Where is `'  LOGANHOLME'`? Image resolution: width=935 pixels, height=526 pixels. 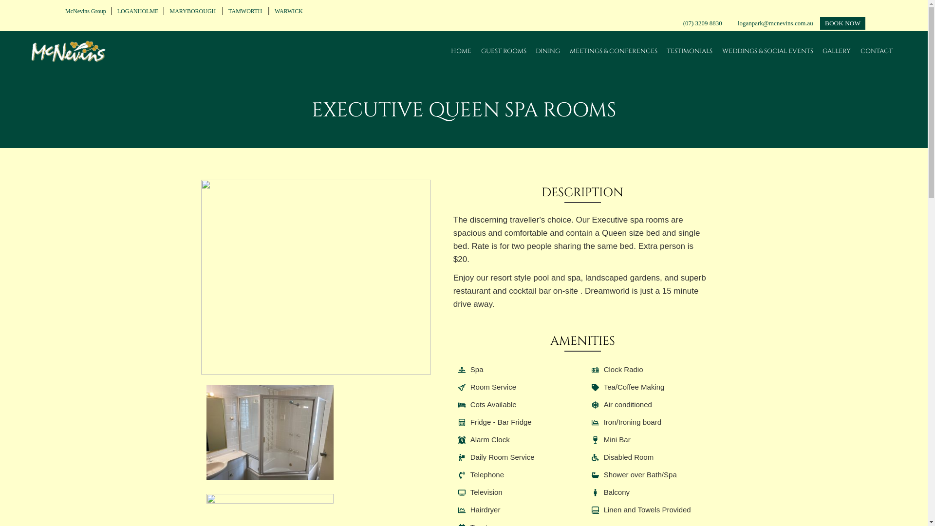 '  LOGANHOLME' is located at coordinates (136, 11).